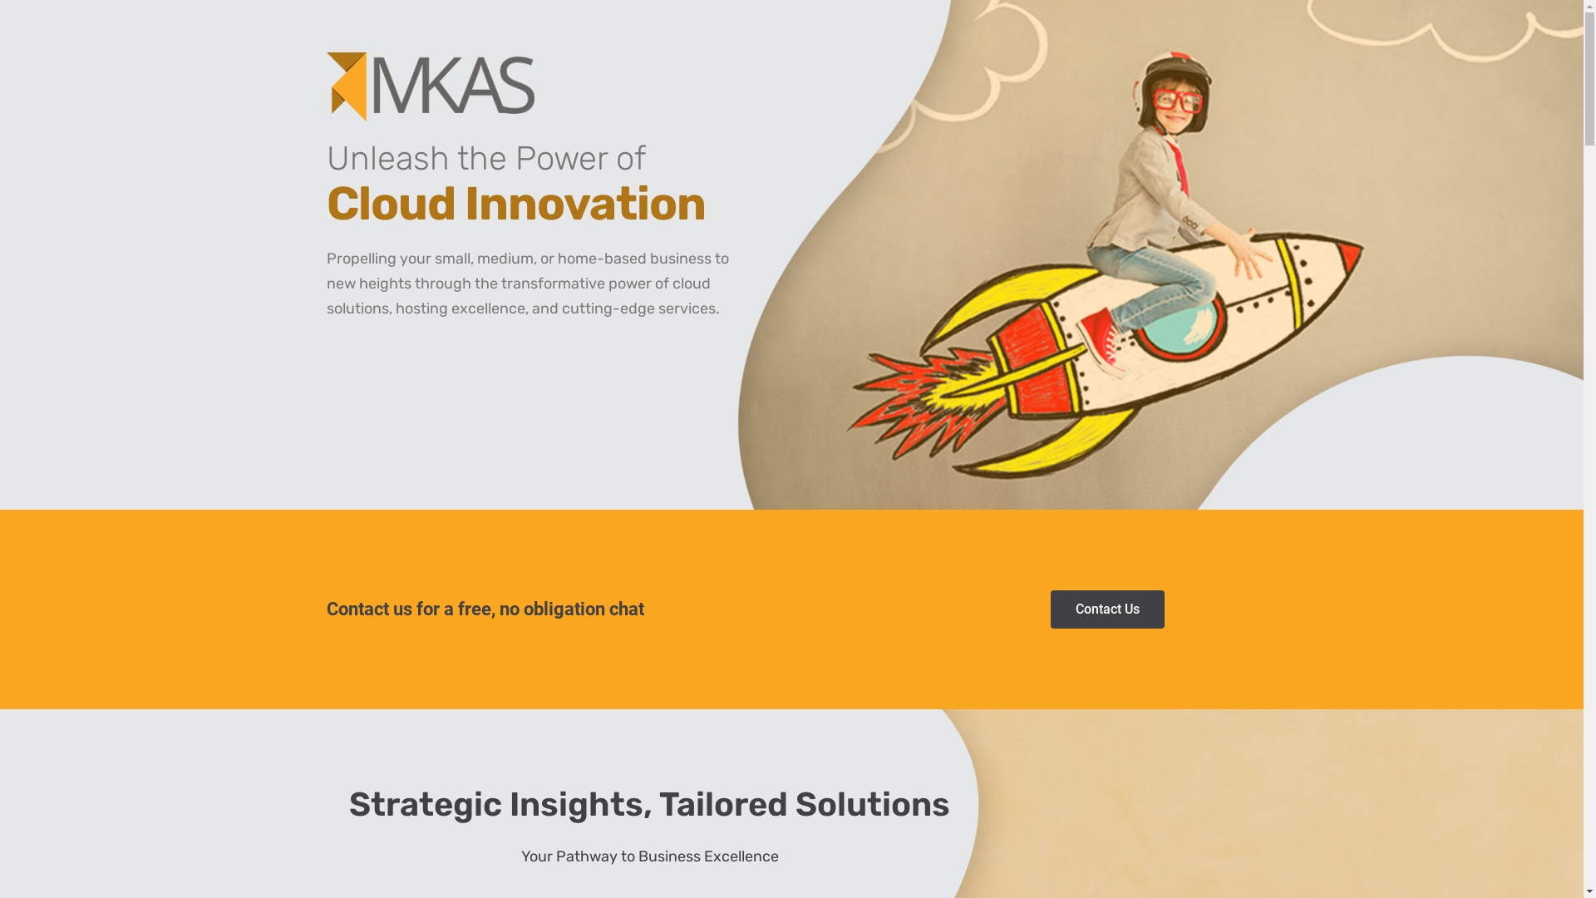 The height and width of the screenshot is (898, 1596). What do you see at coordinates (1049, 609) in the screenshot?
I see `'Contact Us'` at bounding box center [1049, 609].